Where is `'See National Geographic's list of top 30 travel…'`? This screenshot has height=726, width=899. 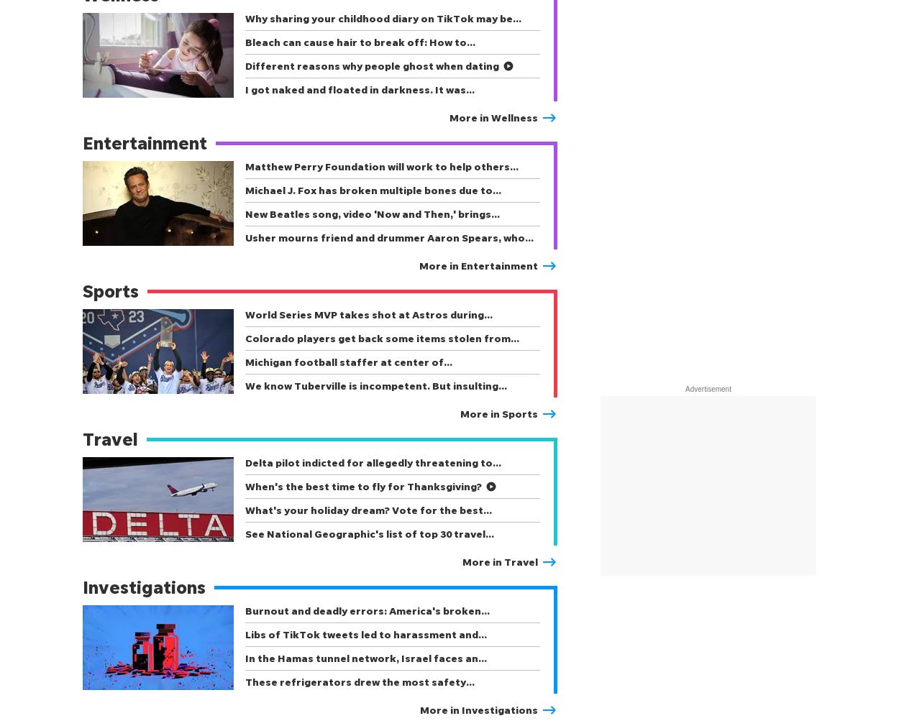
'See National Geographic's list of top 30 travel…' is located at coordinates (370, 533).